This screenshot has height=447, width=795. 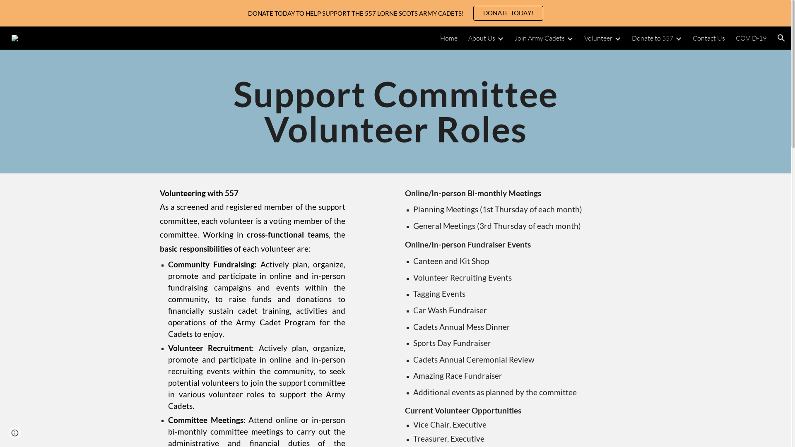 I want to click on 'Expand/Collapse', so click(x=500, y=38).